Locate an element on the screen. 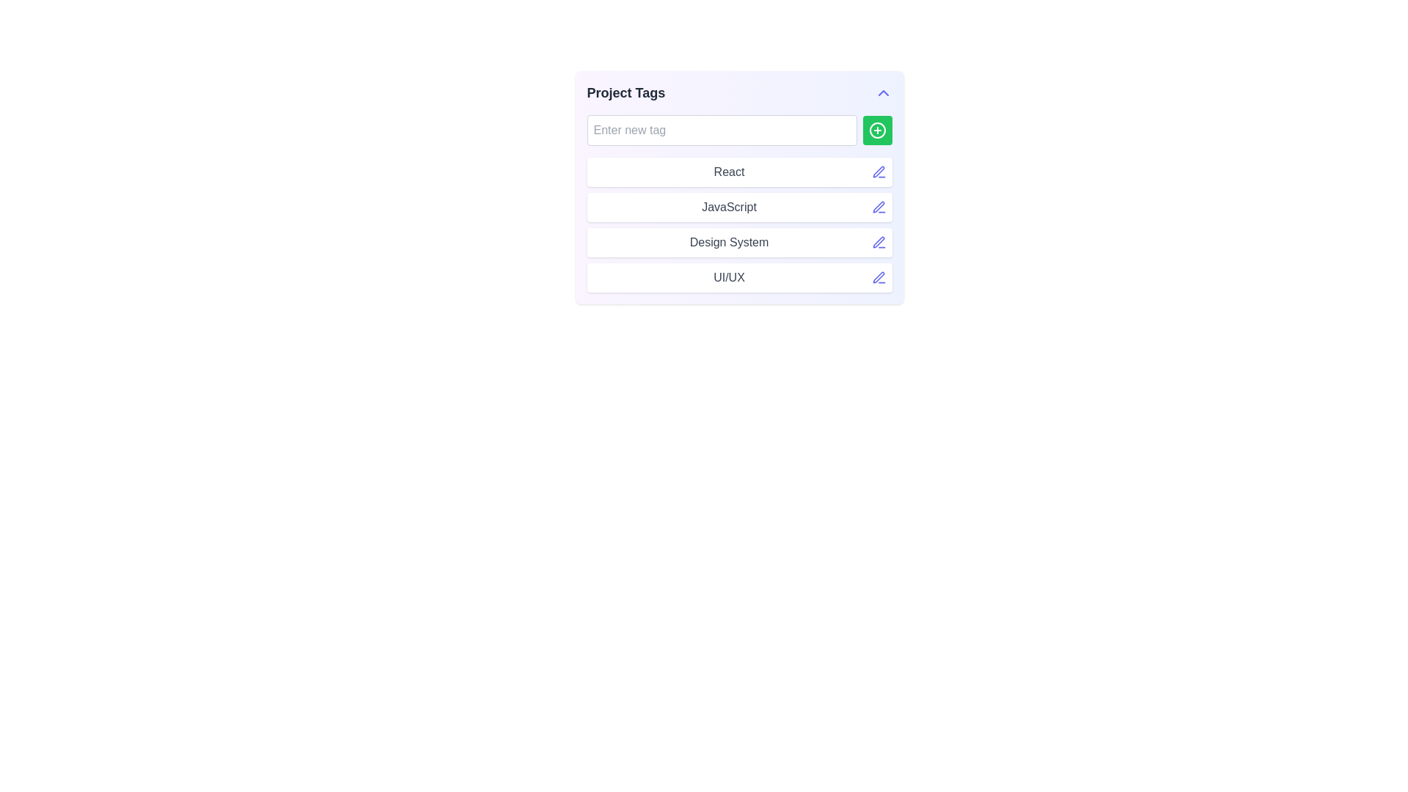 The image size is (1408, 792). the pen icon located to the right of the 'JavaScript' tag within the 'Project Tags' card to initiate editing is located at coordinates (879, 207).